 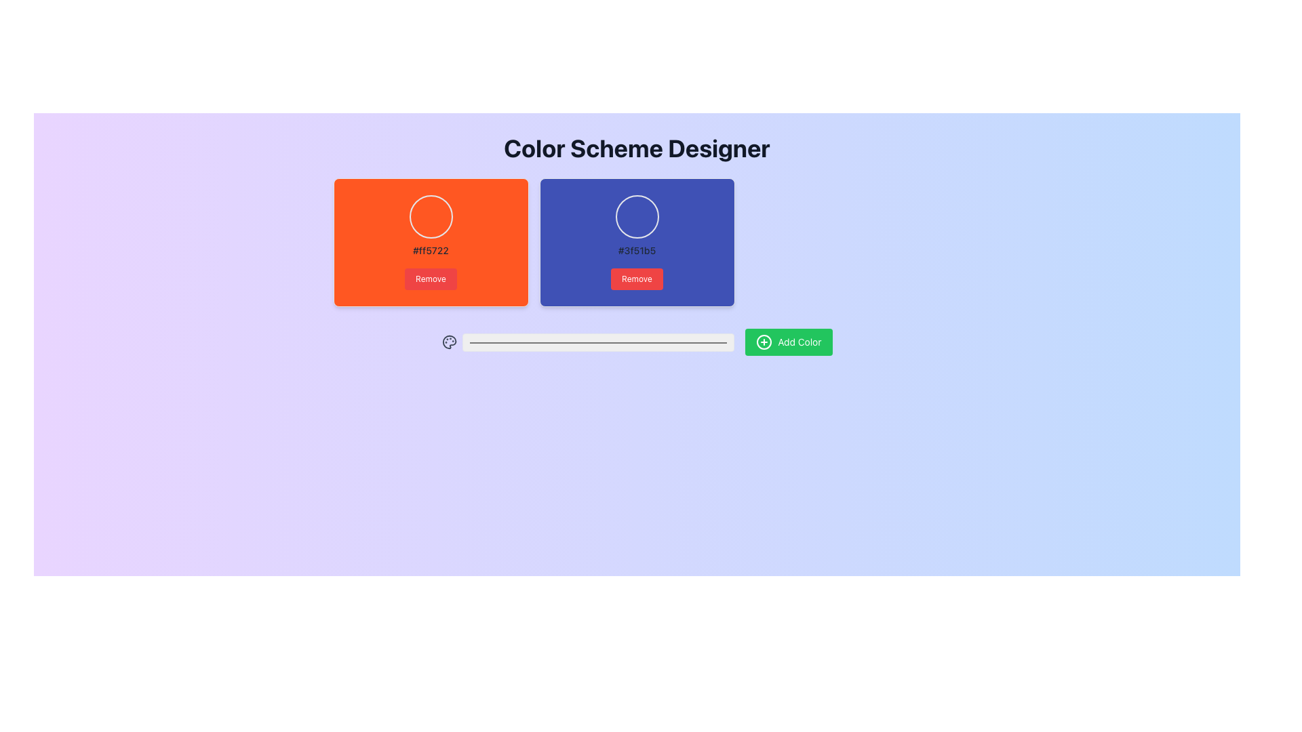 I want to click on the prominent text header labeled 'Color Scheme Designer', which is displayed in a large bold font at the top center of the interface, so click(x=636, y=148).